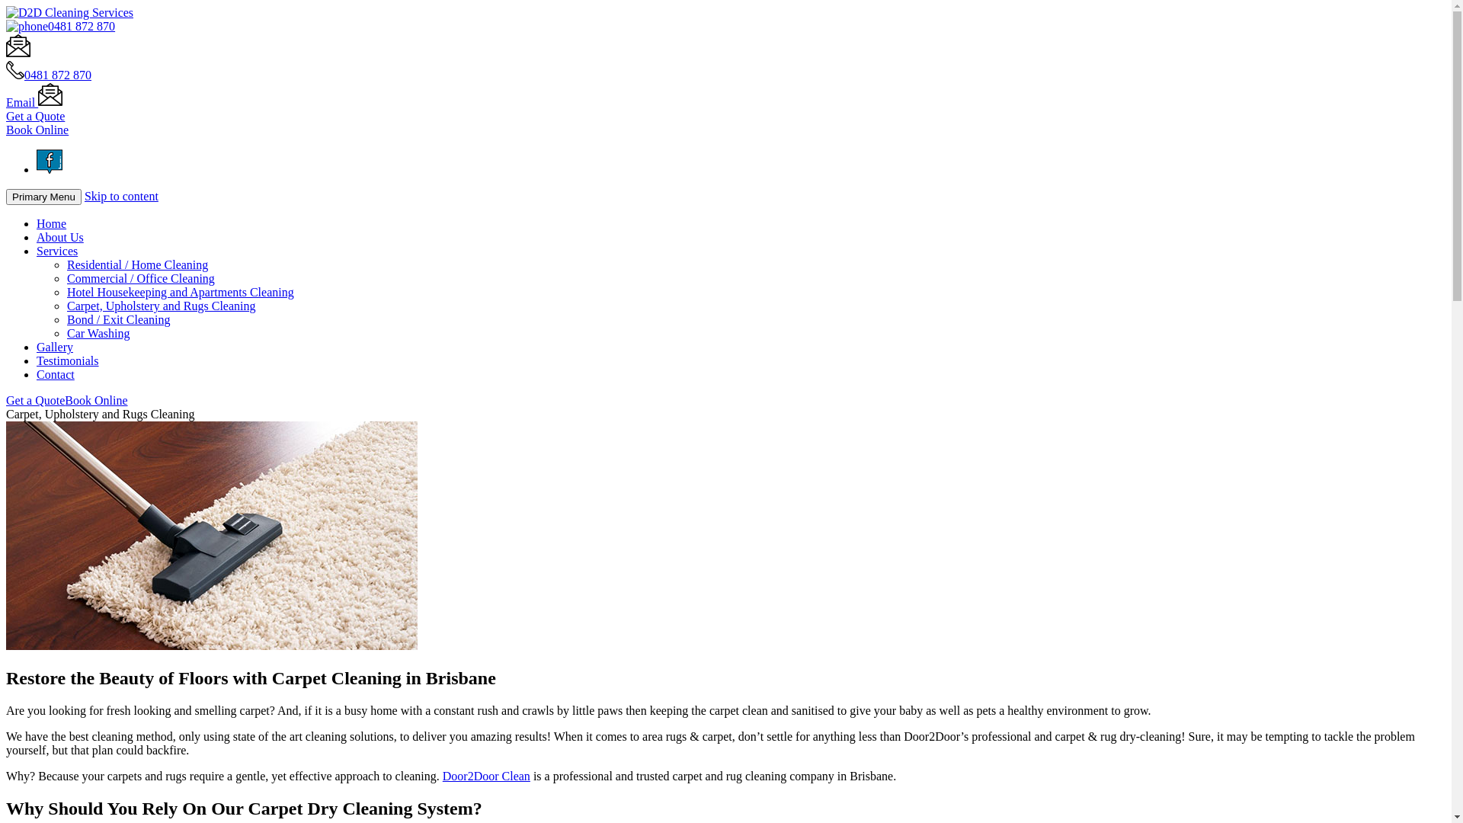 This screenshot has height=823, width=1463. What do you see at coordinates (35, 115) in the screenshot?
I see `'Get a Quote'` at bounding box center [35, 115].